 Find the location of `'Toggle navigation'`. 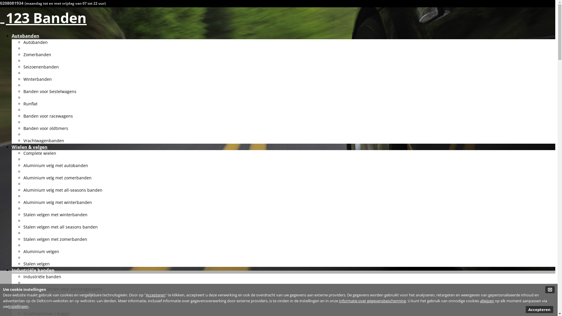

'Toggle navigation' is located at coordinates (2, 23).